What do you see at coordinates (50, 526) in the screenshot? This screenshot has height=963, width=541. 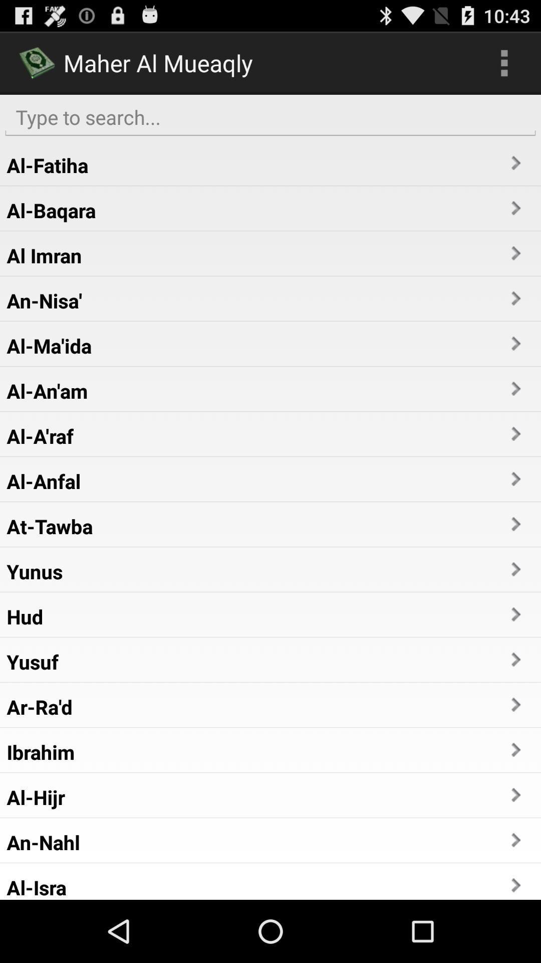 I see `the at-tawba app` at bounding box center [50, 526].